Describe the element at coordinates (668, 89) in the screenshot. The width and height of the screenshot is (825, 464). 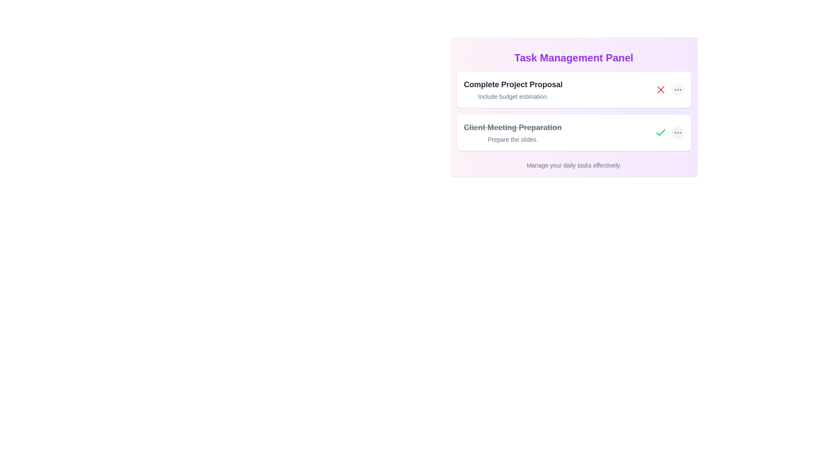
I see `the ellipsis icon located to the right of the red 'X' action button within the task labeled 'Complete Project Proposal'` at that location.